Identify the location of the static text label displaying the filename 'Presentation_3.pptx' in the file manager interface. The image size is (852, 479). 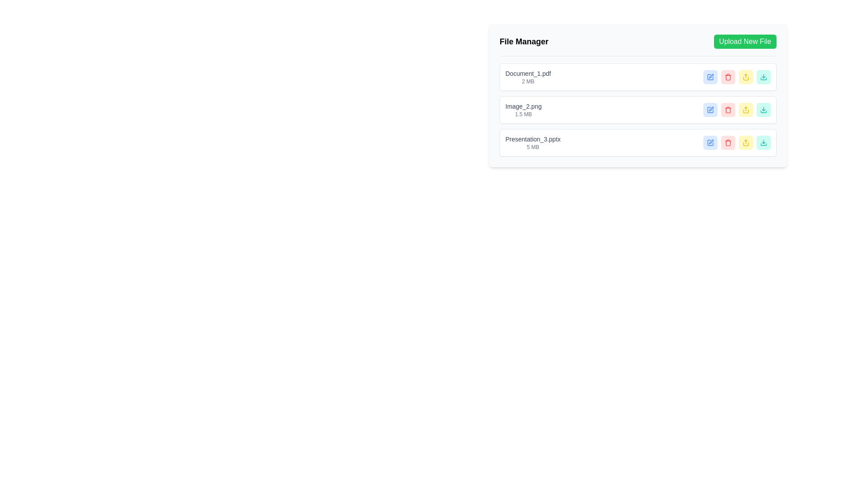
(532, 139).